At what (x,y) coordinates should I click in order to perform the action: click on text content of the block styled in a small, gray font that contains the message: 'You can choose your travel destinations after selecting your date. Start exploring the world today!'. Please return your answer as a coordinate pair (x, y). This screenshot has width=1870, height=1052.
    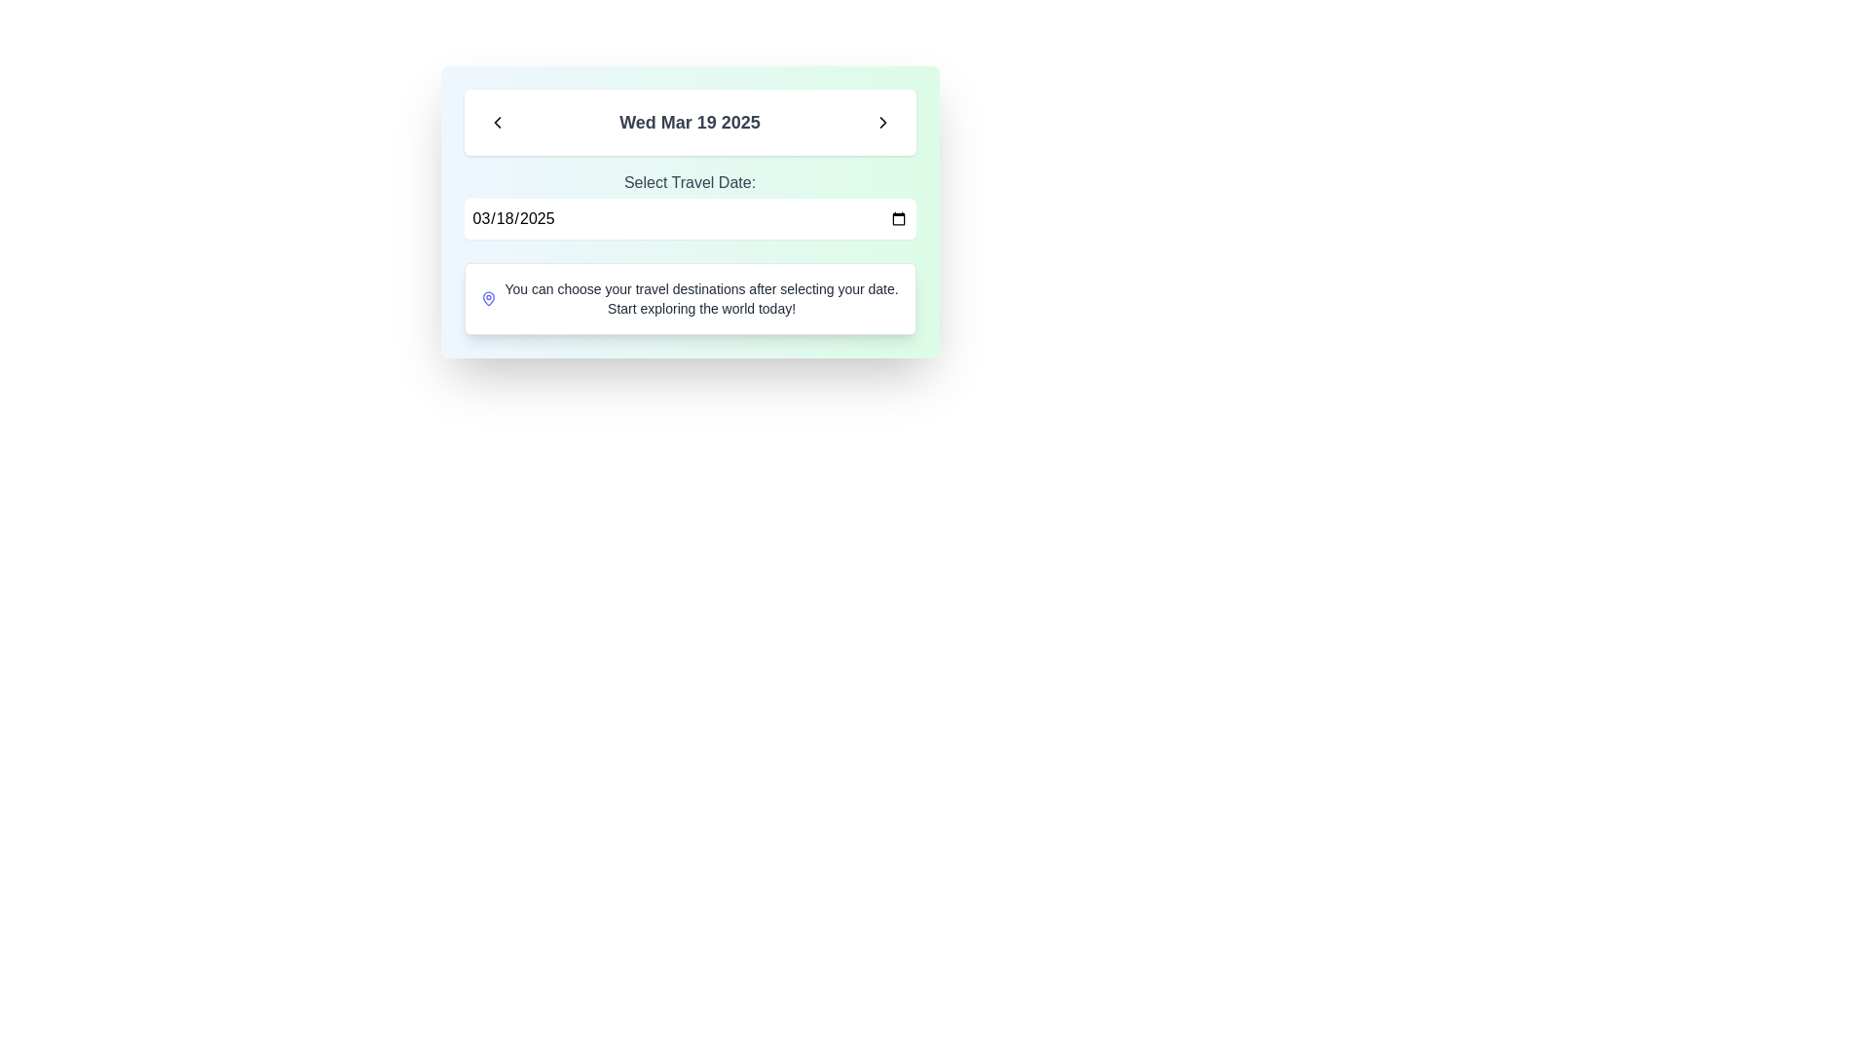
    Looking at the image, I should click on (701, 299).